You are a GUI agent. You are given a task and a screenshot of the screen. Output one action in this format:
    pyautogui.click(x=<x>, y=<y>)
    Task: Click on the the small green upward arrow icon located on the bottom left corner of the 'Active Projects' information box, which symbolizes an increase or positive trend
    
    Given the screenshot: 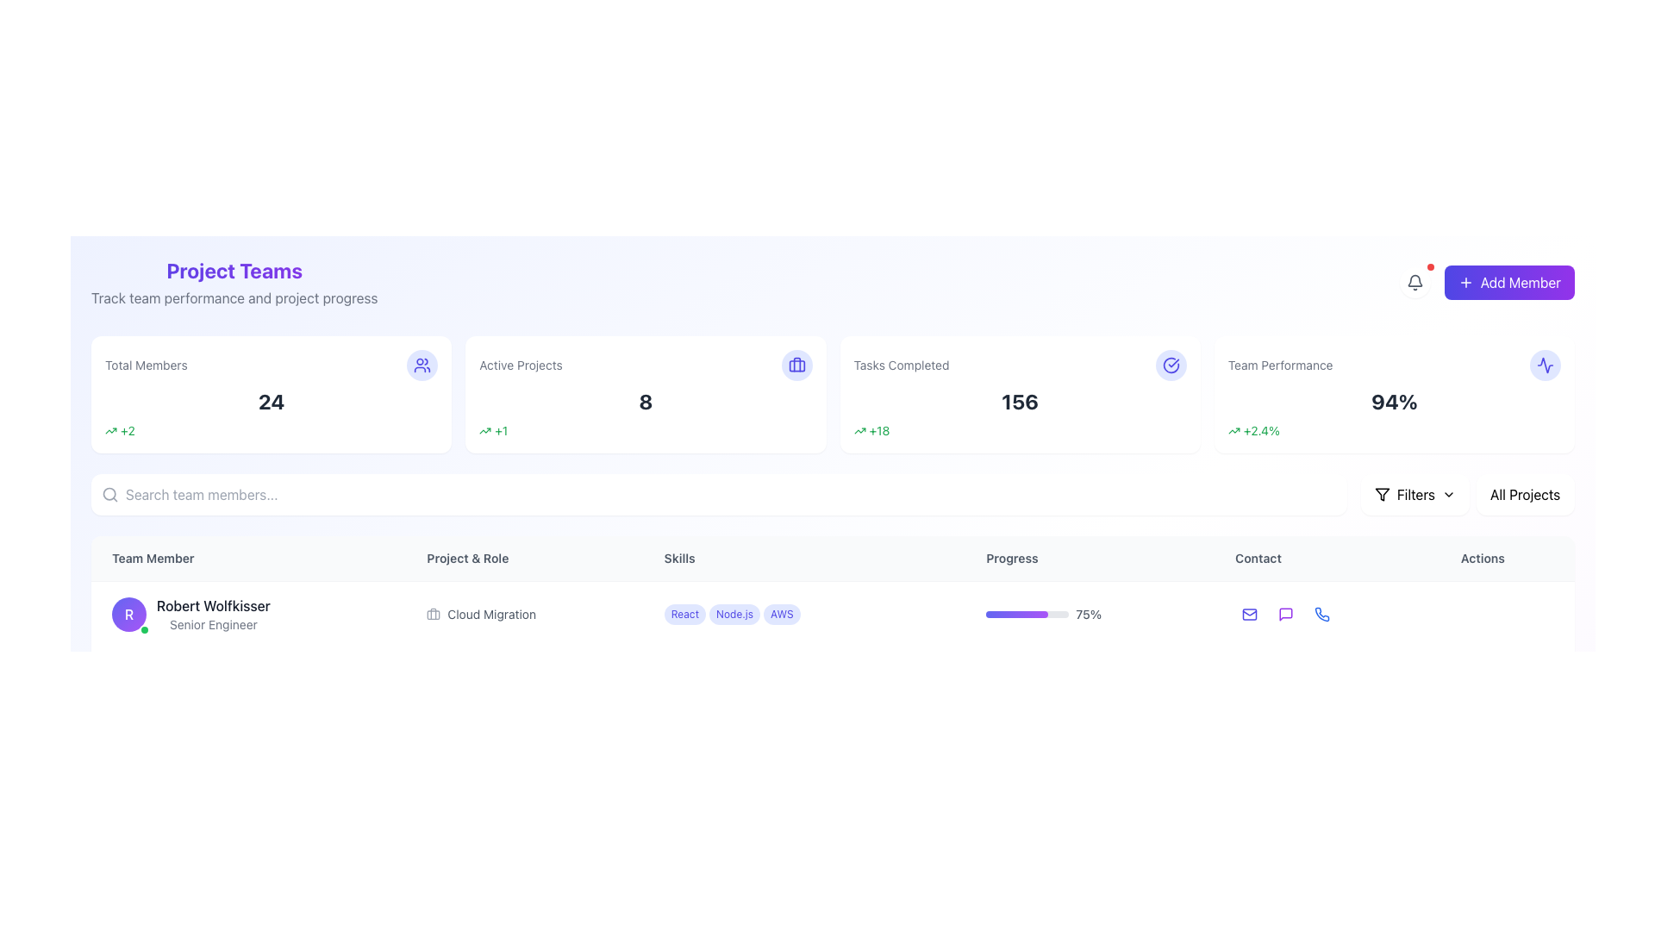 What is the action you would take?
    pyautogui.click(x=484, y=430)
    